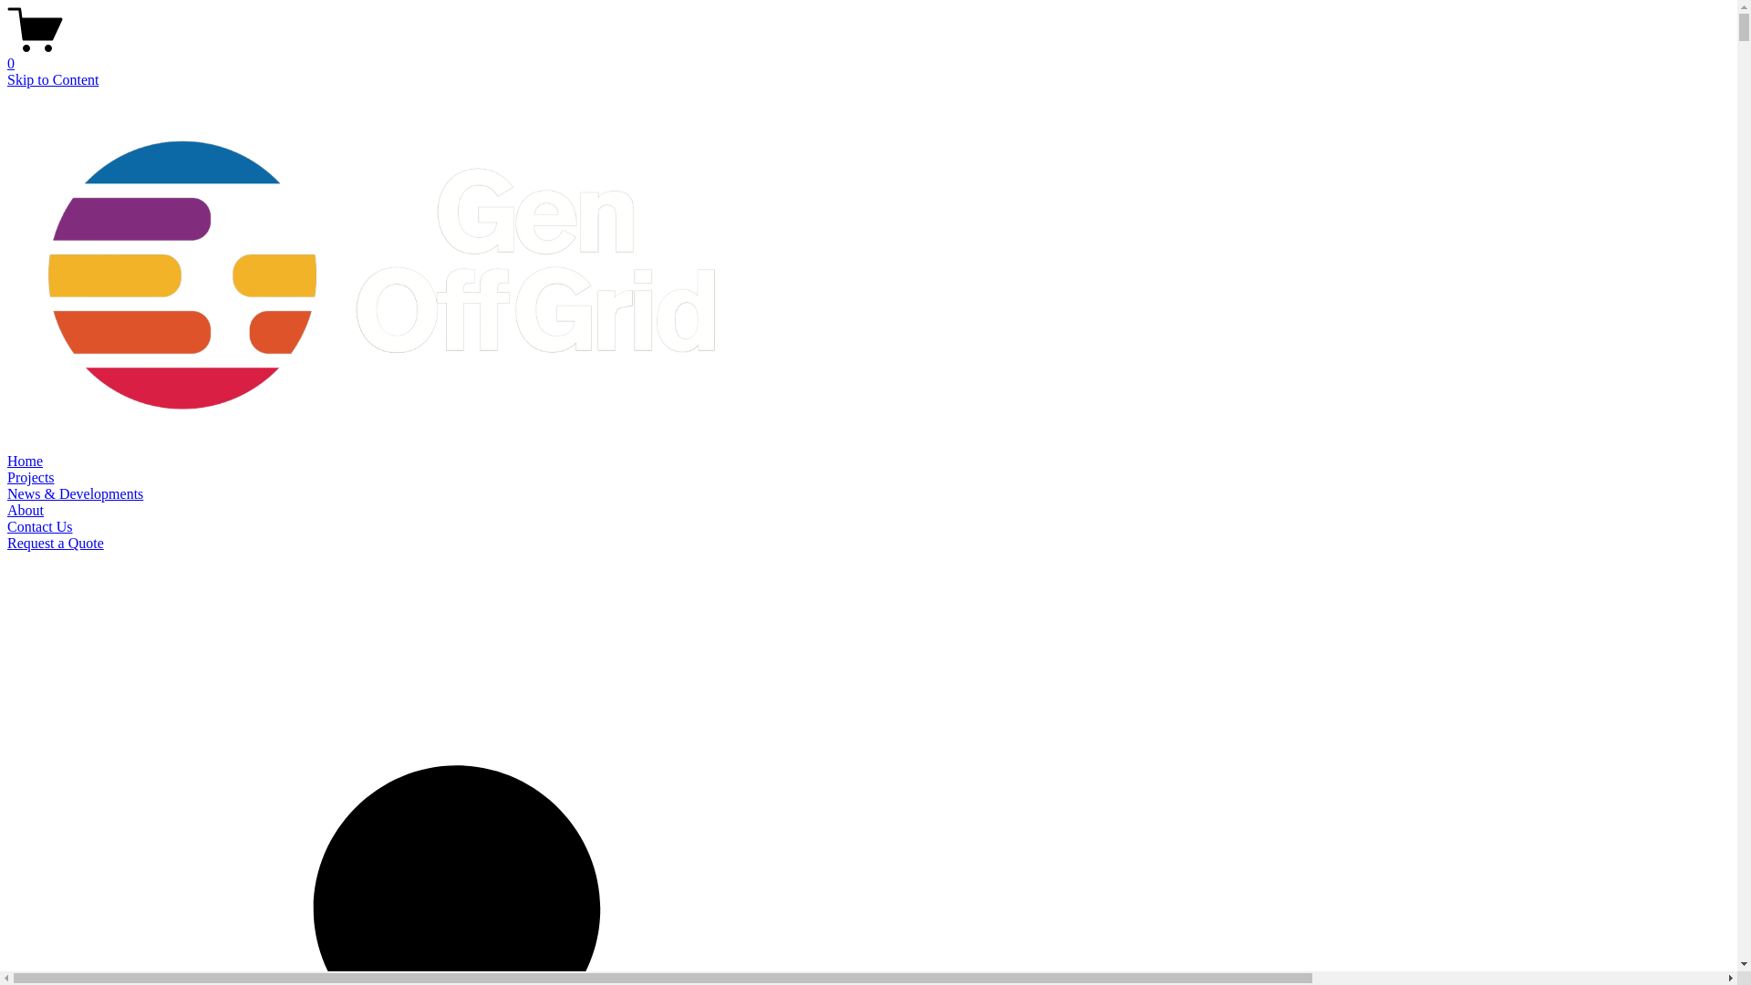 The image size is (1751, 985). I want to click on 'Contact Us', so click(39, 526).